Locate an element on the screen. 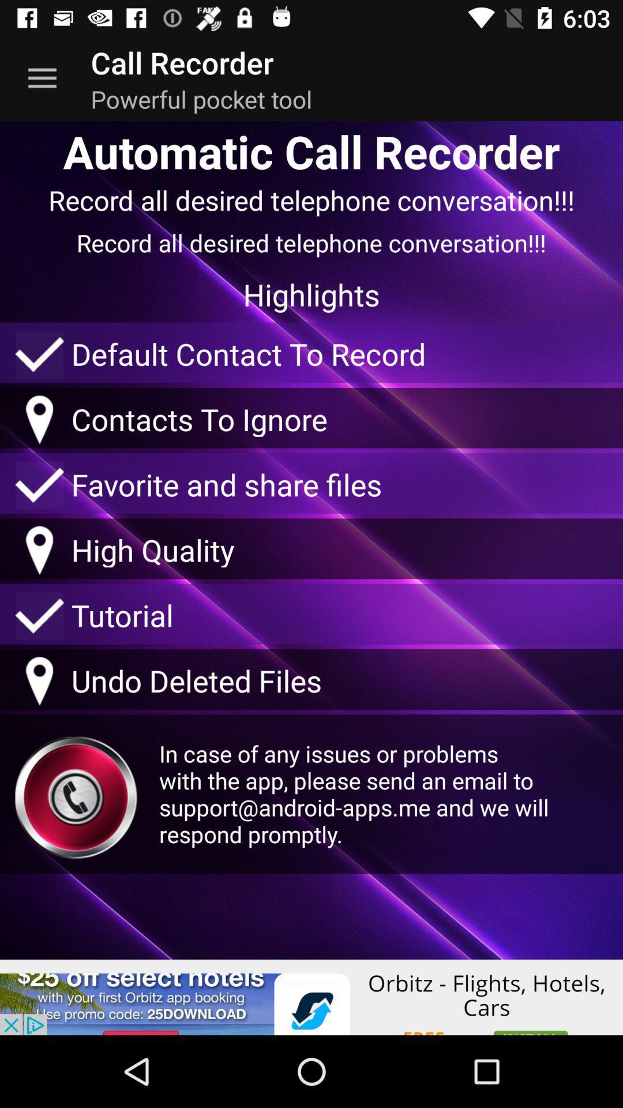 The image size is (623, 1108). interact with advertisement is located at coordinates (311, 997).